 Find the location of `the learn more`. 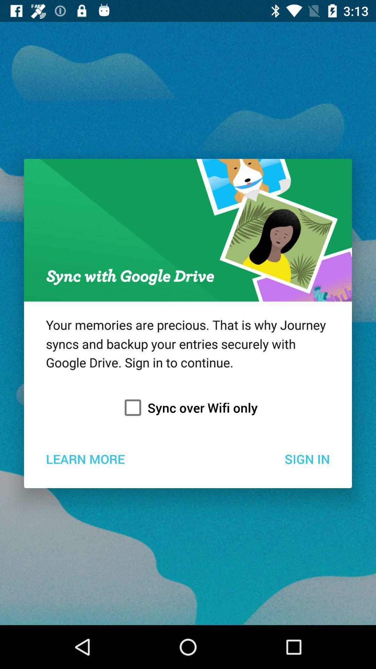

the learn more is located at coordinates (85, 459).